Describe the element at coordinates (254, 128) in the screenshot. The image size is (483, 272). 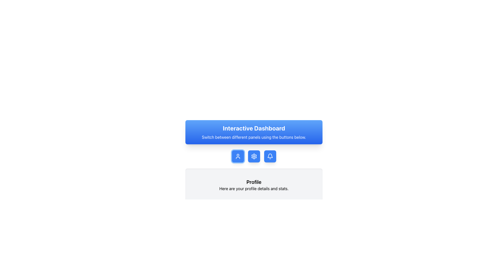
I see `the heading title located at the top center of the blue rounded rectangle, above the subtitle 'Switch between different panels using the buttons below.'` at that location.